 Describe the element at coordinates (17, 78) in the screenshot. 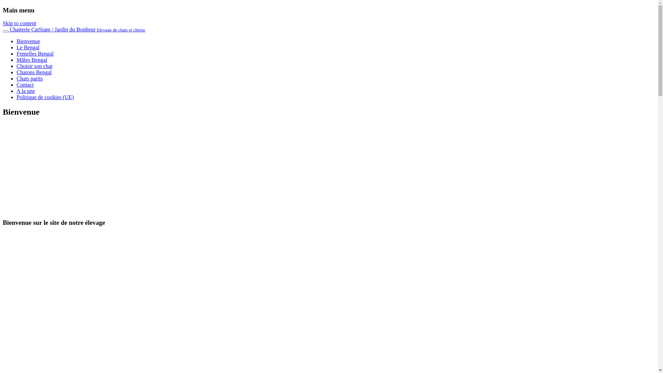

I see `'Chats partis'` at that location.